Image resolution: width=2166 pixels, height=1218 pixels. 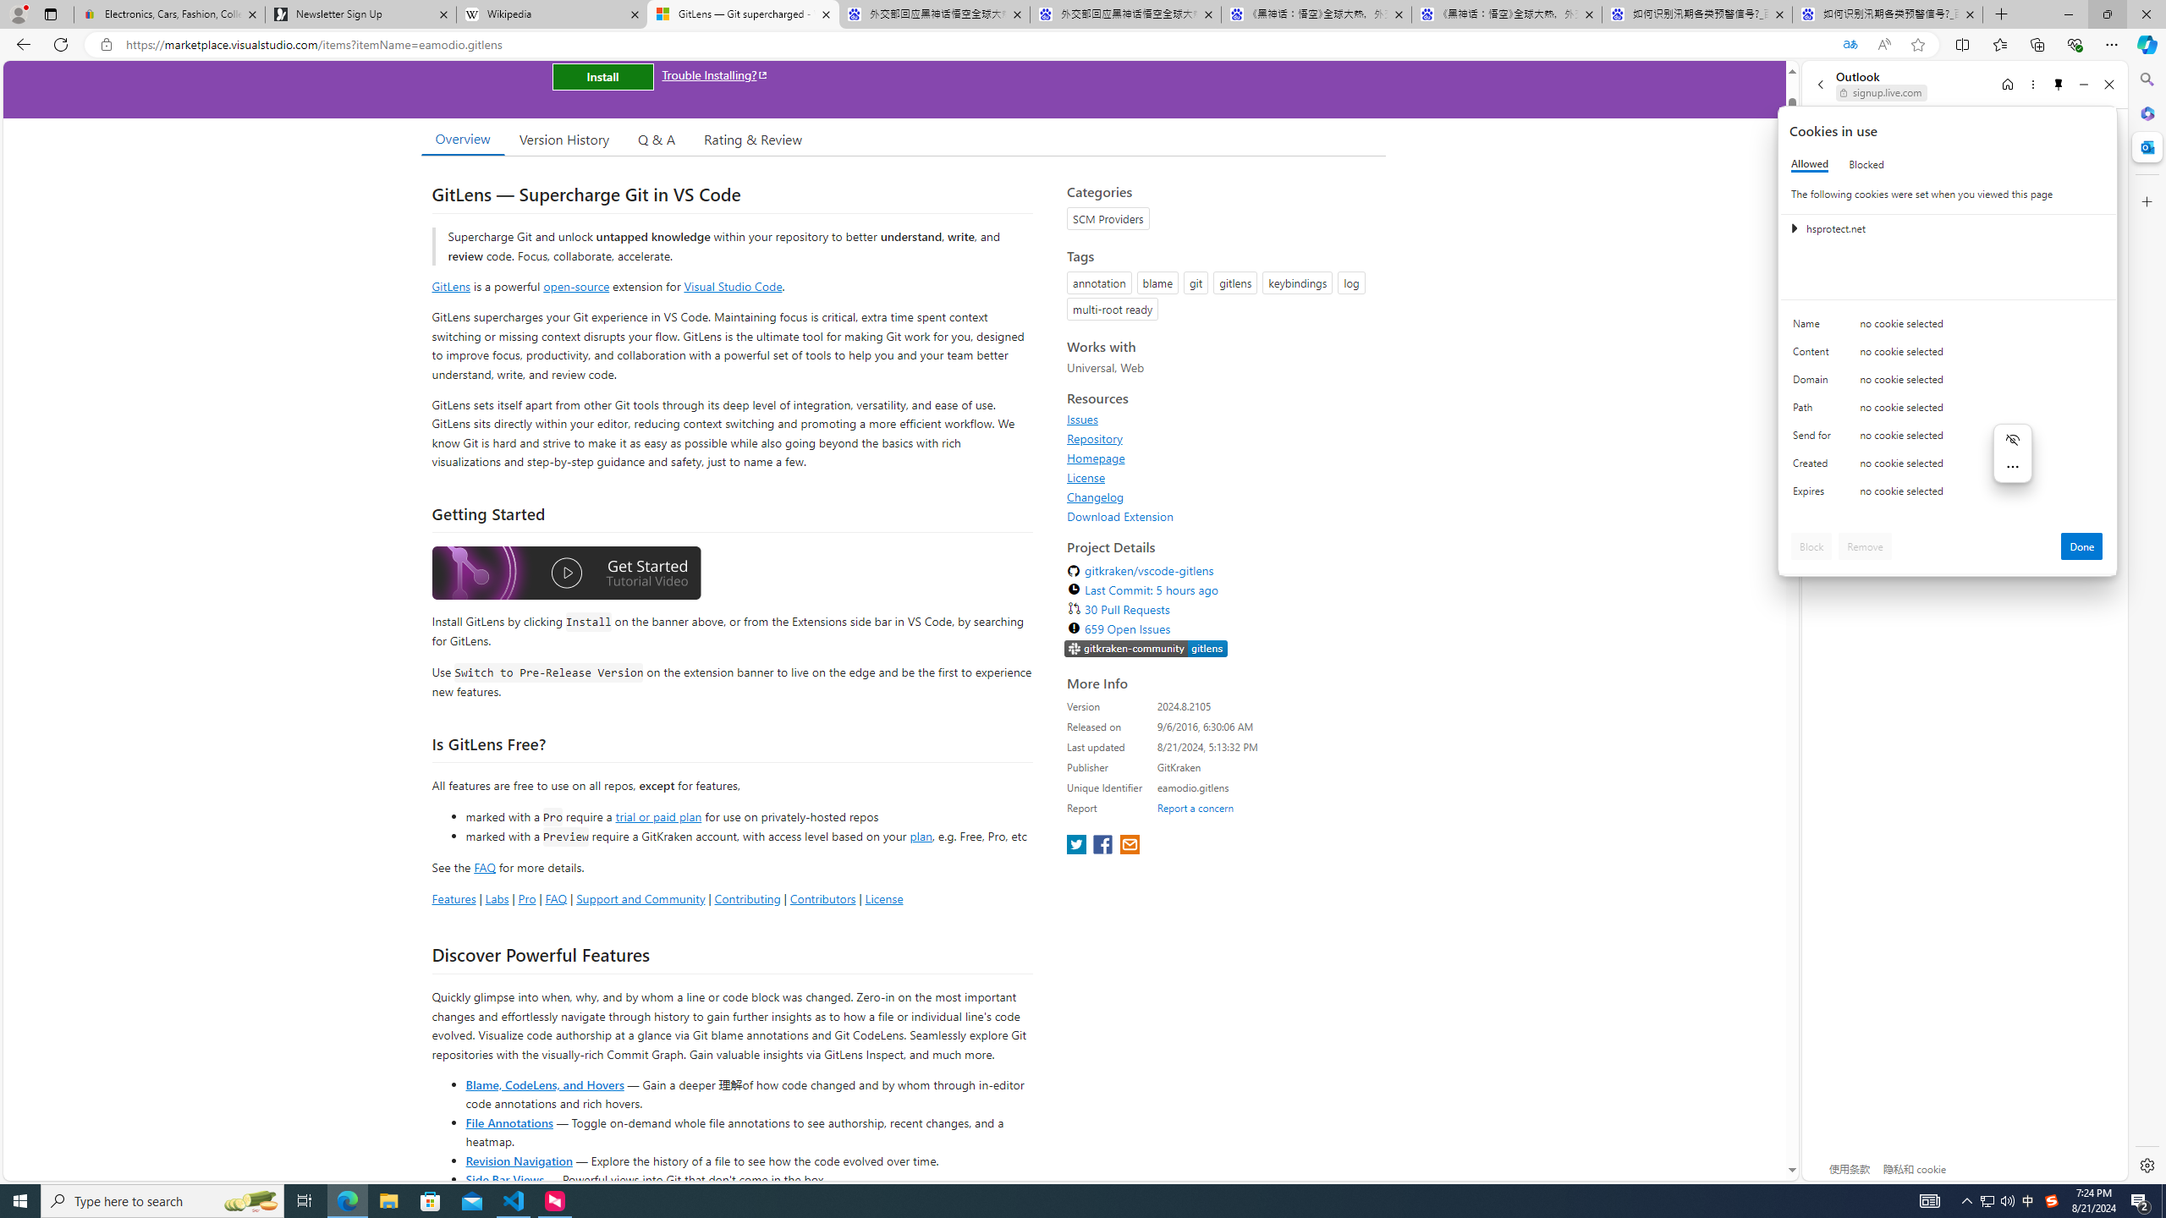 I want to click on 'Send for', so click(x=1814, y=438).